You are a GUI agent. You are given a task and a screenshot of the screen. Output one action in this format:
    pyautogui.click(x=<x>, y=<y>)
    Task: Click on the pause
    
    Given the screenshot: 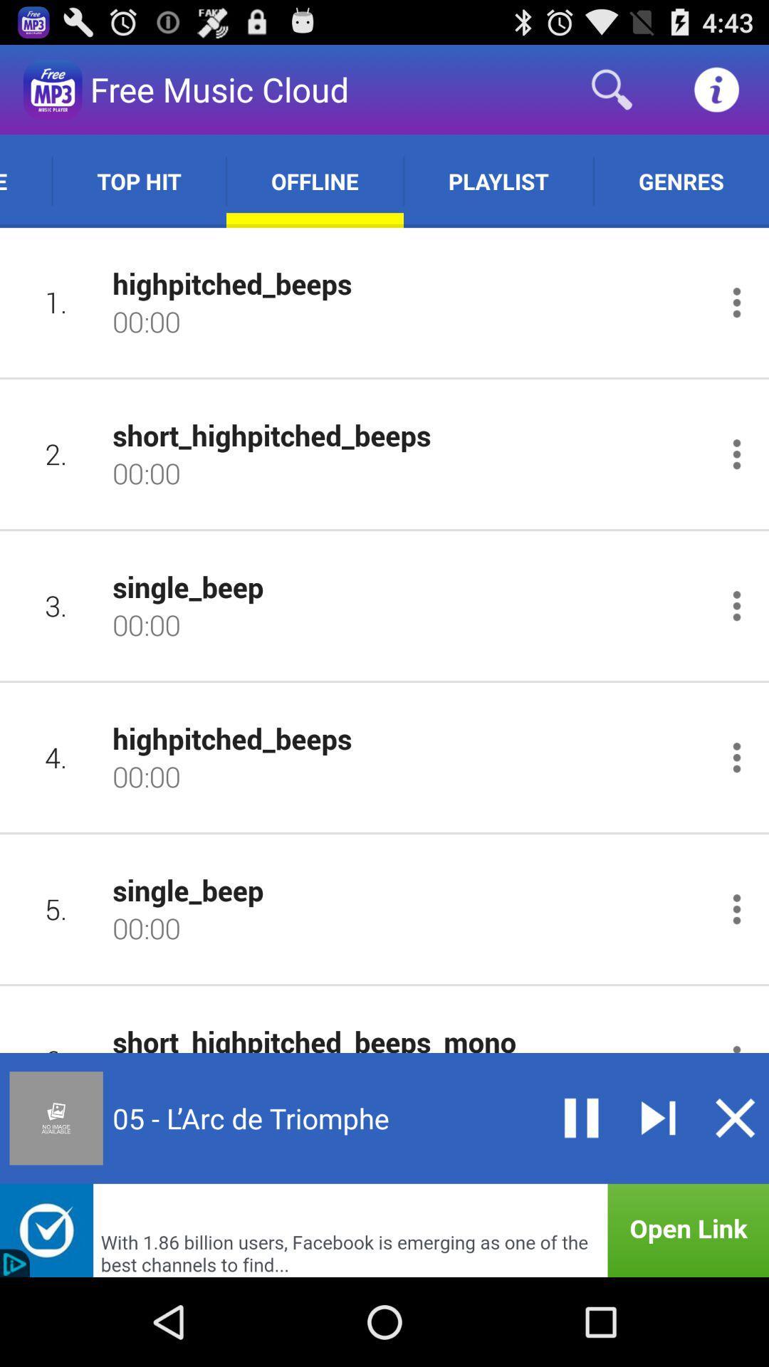 What is the action you would take?
    pyautogui.click(x=581, y=1117)
    